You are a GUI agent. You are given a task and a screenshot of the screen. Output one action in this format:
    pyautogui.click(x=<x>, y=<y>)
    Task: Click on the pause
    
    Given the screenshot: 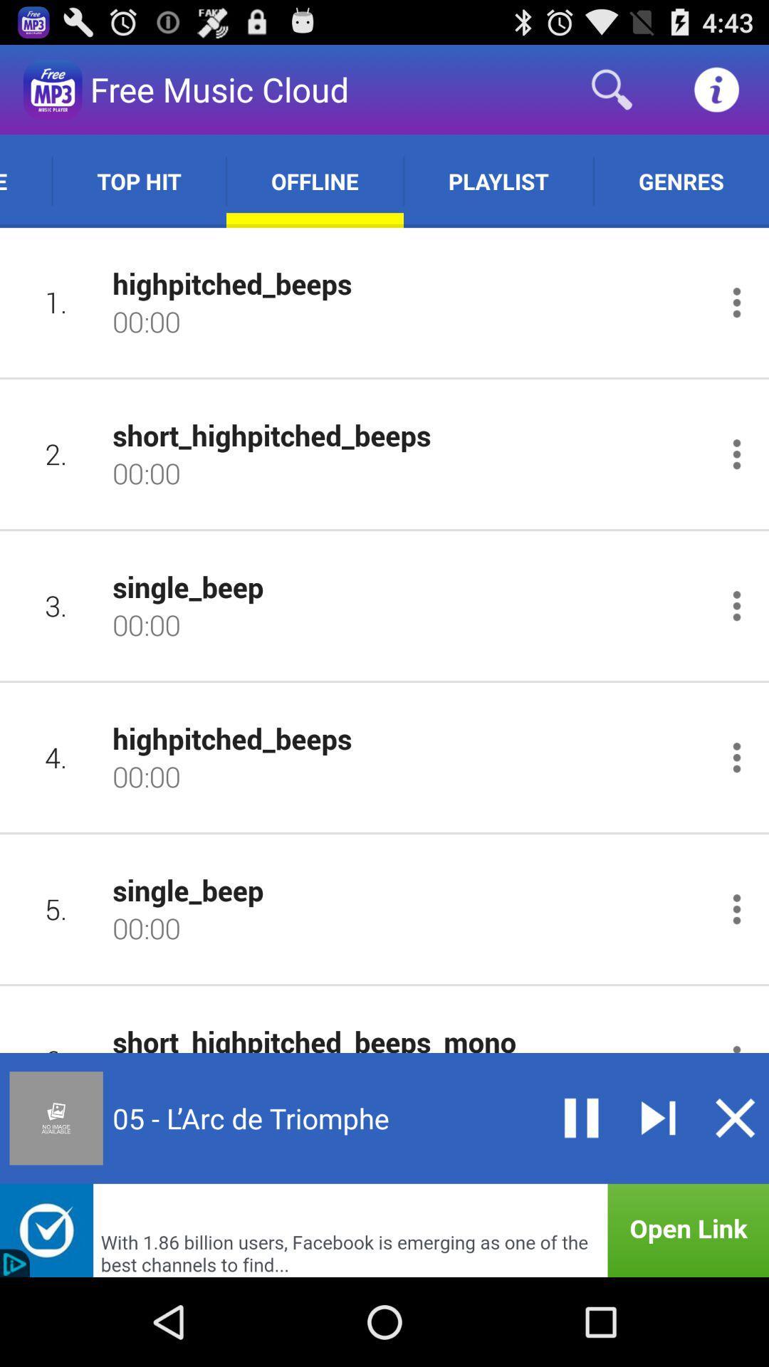 What is the action you would take?
    pyautogui.click(x=581, y=1117)
    